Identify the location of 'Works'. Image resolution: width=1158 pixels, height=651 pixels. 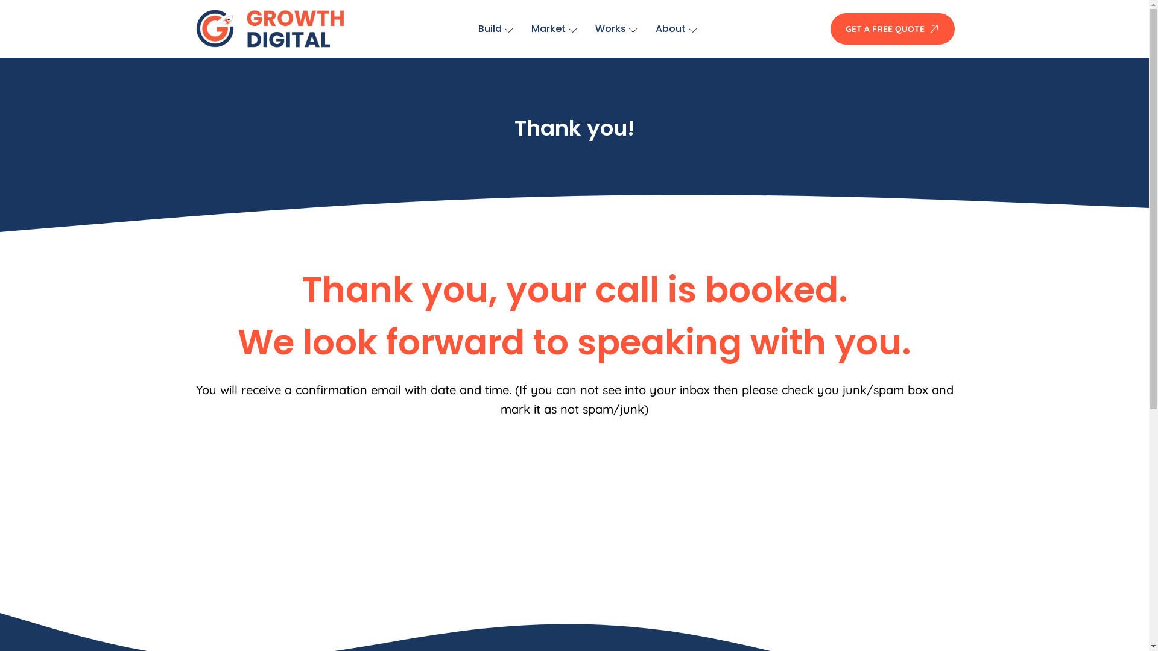
(616, 28).